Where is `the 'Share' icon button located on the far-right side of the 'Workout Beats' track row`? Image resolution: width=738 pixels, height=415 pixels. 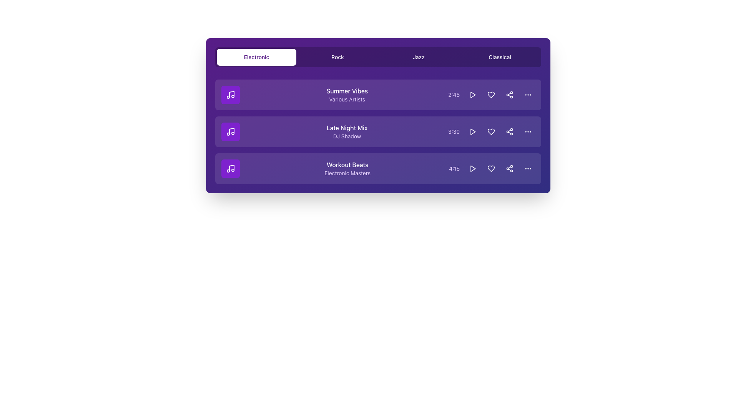 the 'Share' icon button located on the far-right side of the 'Workout Beats' track row is located at coordinates (509, 168).